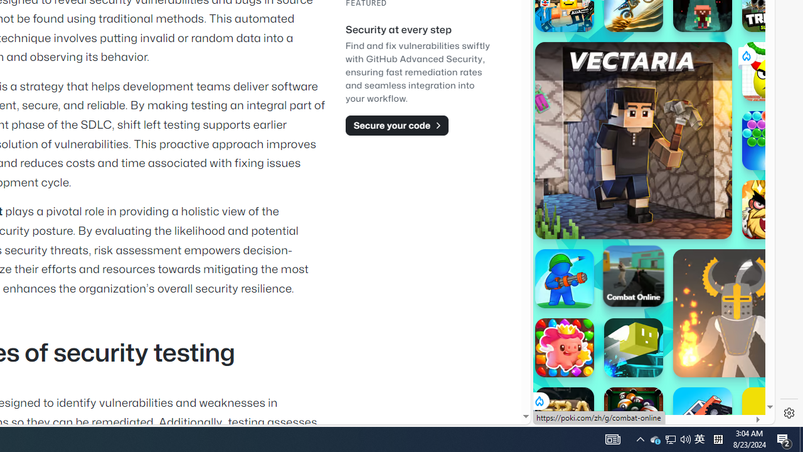 The width and height of the screenshot is (803, 452). Describe the element at coordinates (703, 417) in the screenshot. I see `'Monster Tracks Monster Tracks'` at that location.